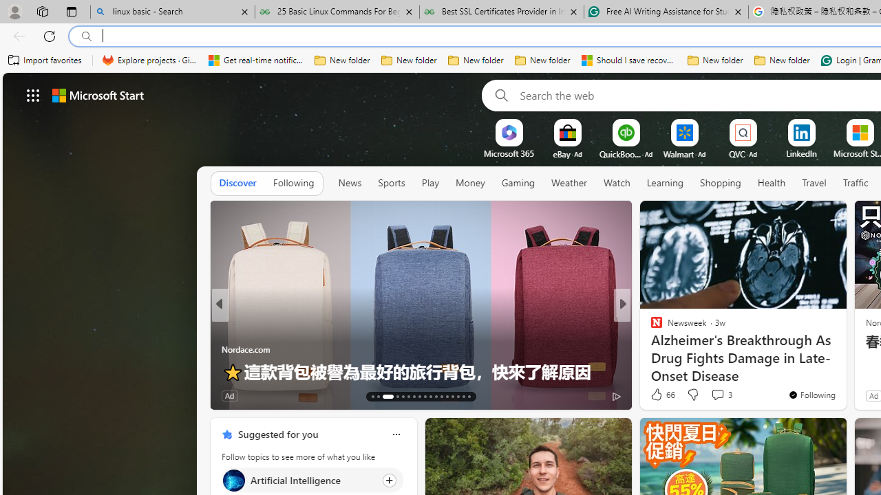 The image size is (881, 495). I want to click on 'Weather', so click(569, 182).